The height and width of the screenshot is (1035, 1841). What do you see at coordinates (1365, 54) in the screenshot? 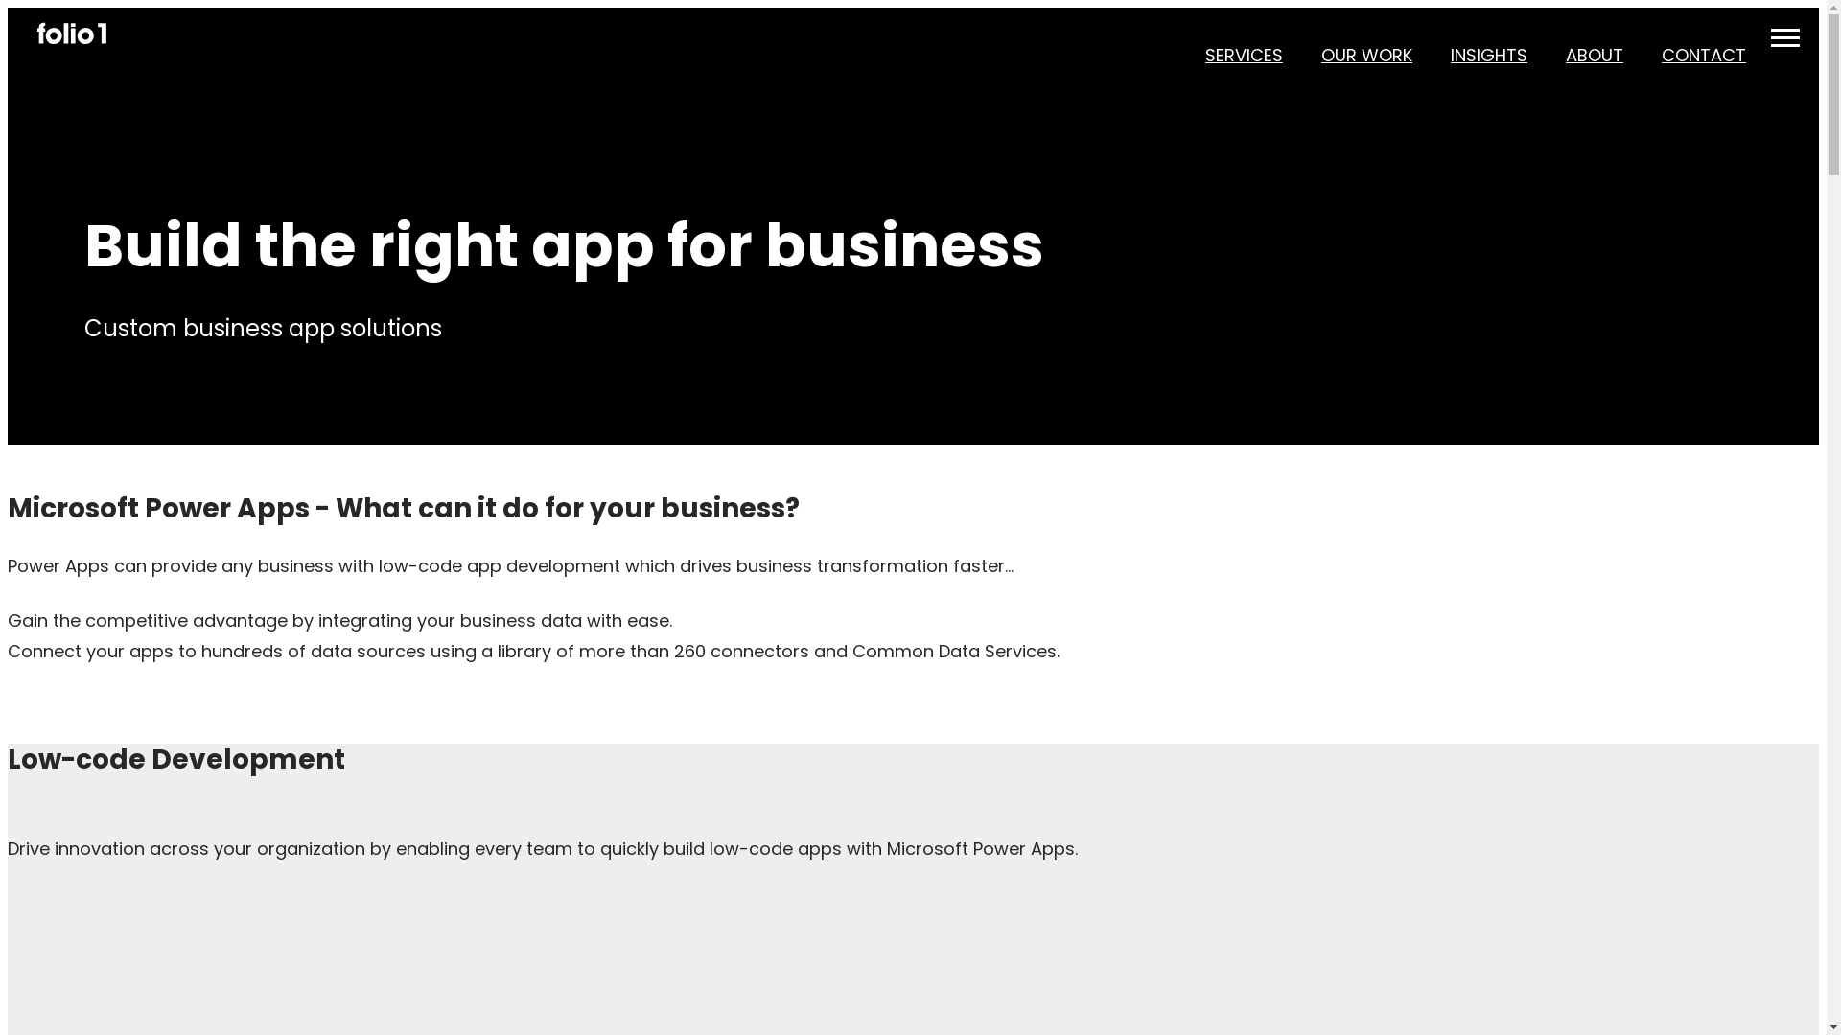
I see `'OUR WORK'` at bounding box center [1365, 54].